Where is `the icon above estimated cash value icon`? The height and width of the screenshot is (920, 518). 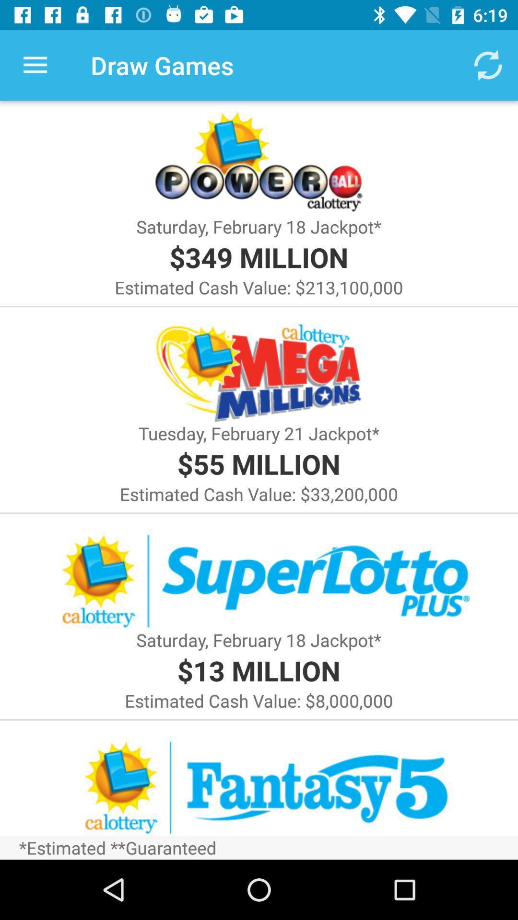
the icon above estimated cash value icon is located at coordinates (258, 463).